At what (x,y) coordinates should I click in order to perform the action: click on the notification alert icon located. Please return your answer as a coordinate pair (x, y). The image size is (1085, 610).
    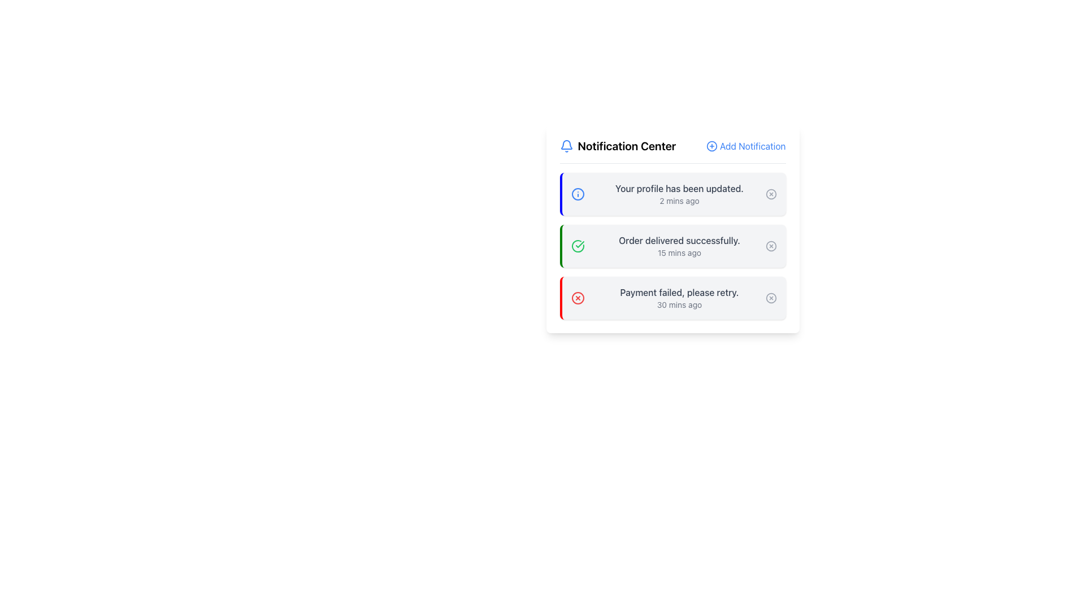
    Looking at the image, I should click on (566, 145).